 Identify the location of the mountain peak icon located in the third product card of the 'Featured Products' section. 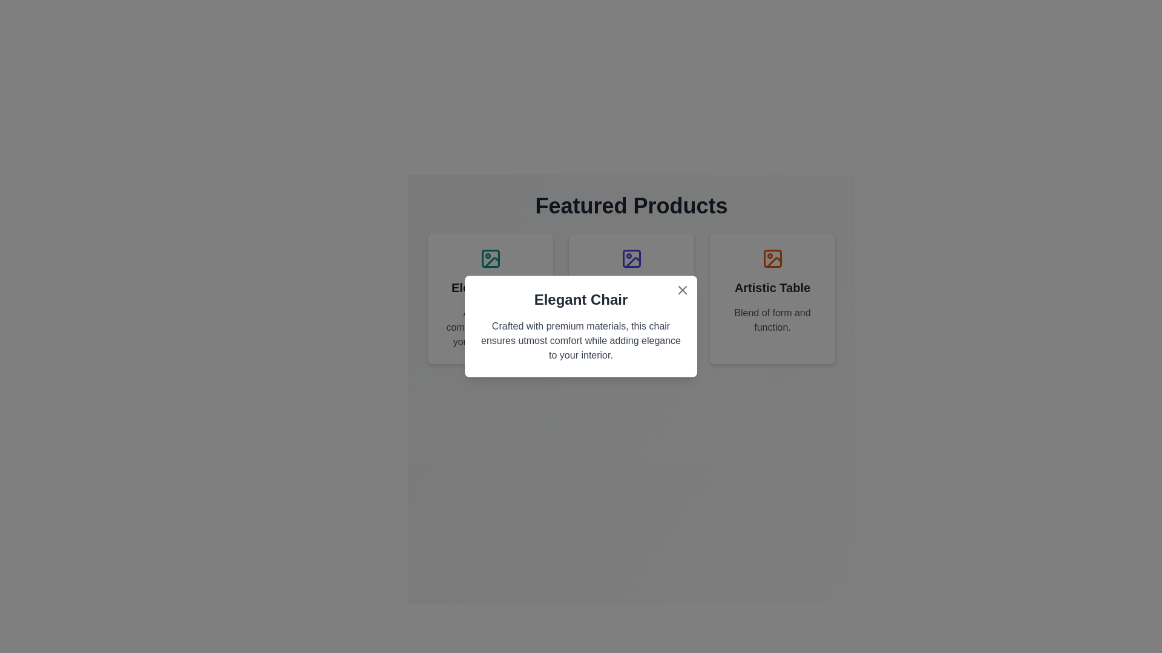
(773, 262).